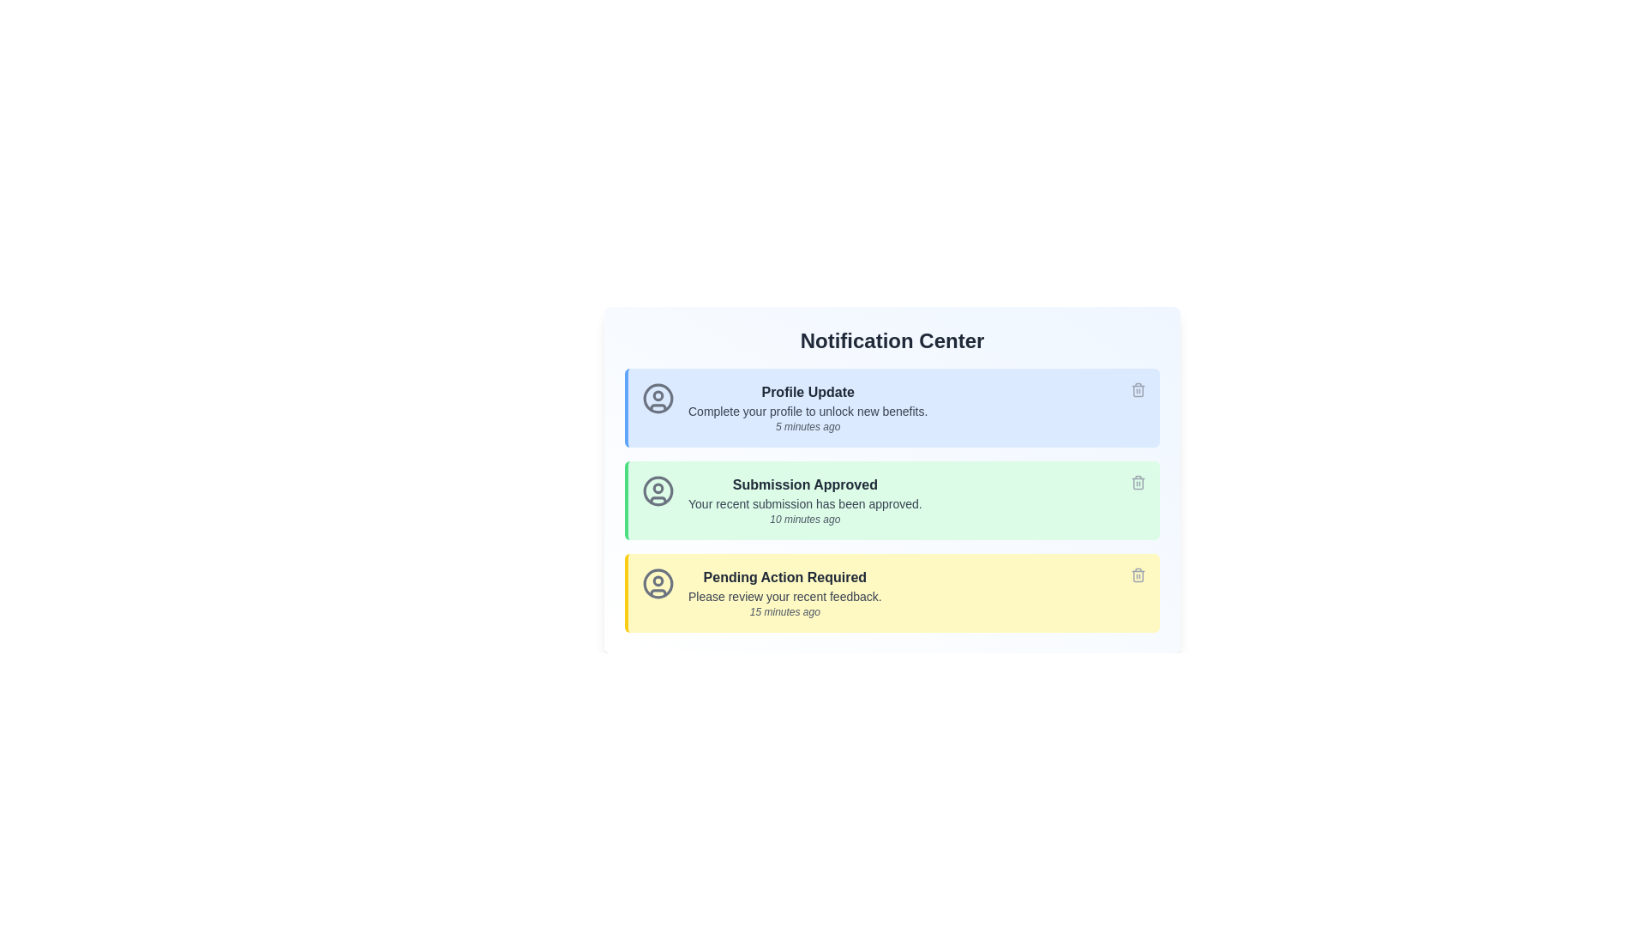  Describe the element at coordinates (658, 491) in the screenshot. I see `the user account Icon located within the green notification box that contains the text 'Submission Approved', specifically positioned at the center-left part of the box, just to the left of the text content` at that location.